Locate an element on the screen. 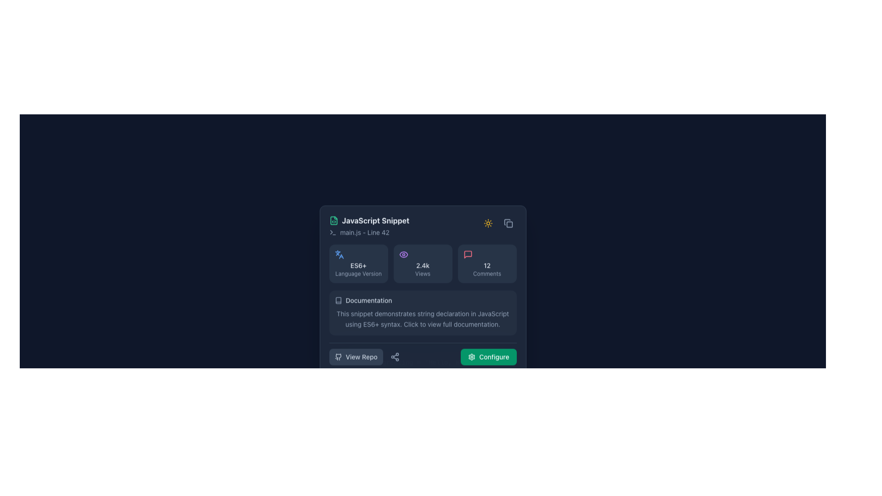 The width and height of the screenshot is (882, 496). the eye-shaped icon with a purple hue, which is located in the top-left corner of the section displaying '2.4k Views' is located at coordinates (403, 254).